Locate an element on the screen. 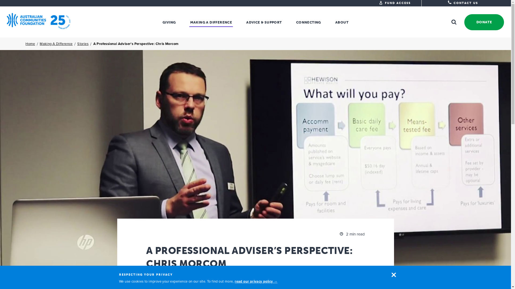 This screenshot has width=515, height=289. 'CONTACT US' is located at coordinates (462, 3).